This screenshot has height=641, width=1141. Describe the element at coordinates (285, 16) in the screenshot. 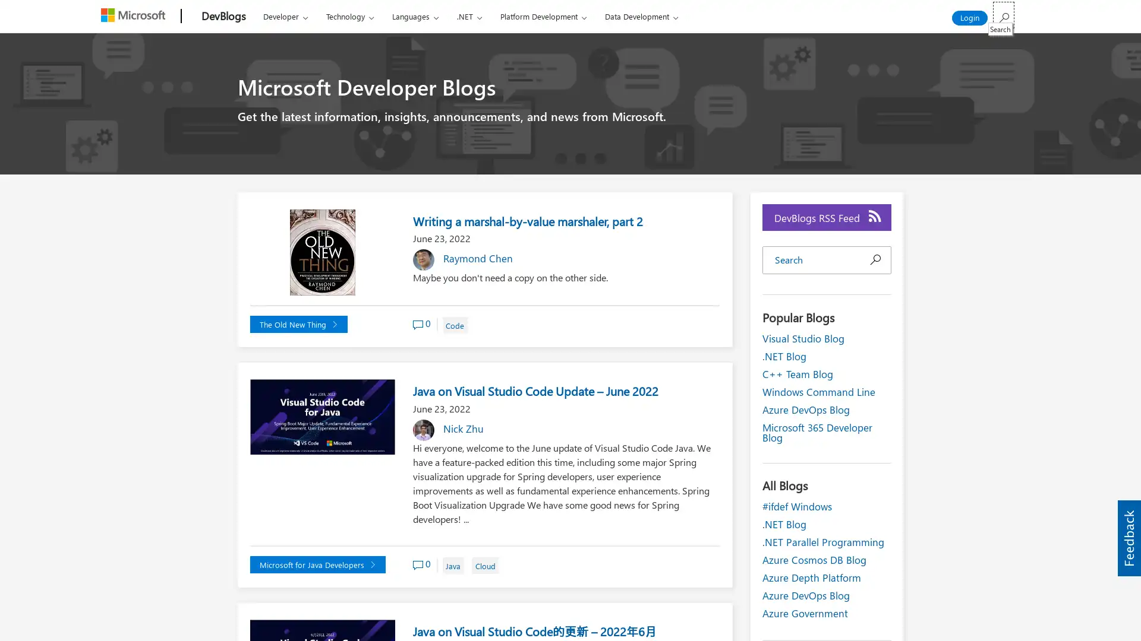

I see `Developer` at that location.